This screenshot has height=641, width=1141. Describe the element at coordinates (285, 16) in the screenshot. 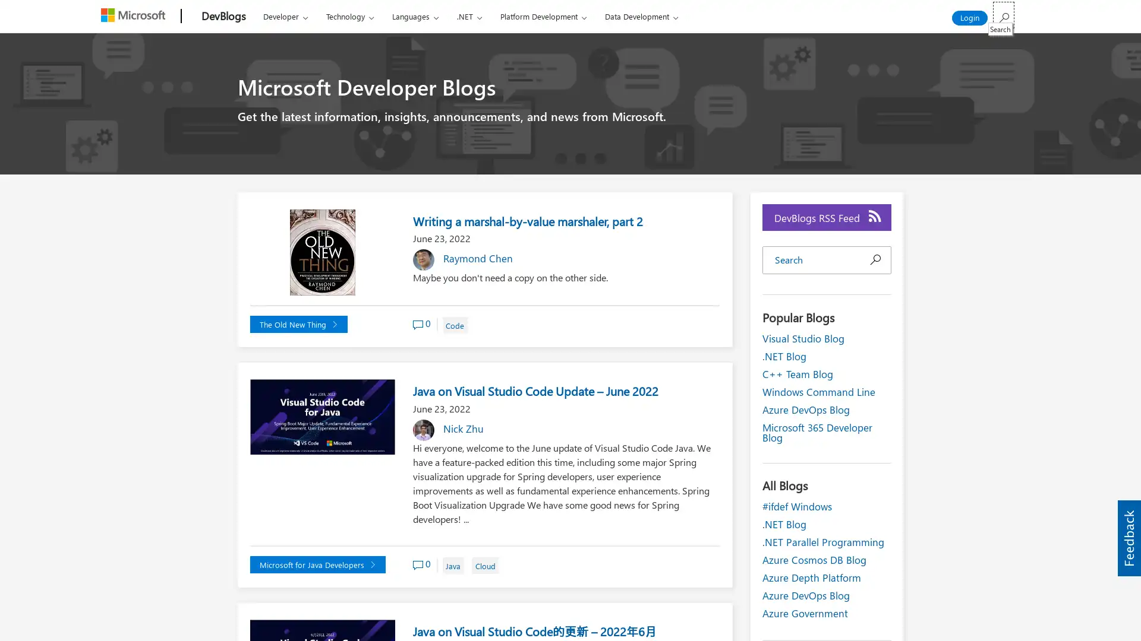

I see `Developer` at that location.